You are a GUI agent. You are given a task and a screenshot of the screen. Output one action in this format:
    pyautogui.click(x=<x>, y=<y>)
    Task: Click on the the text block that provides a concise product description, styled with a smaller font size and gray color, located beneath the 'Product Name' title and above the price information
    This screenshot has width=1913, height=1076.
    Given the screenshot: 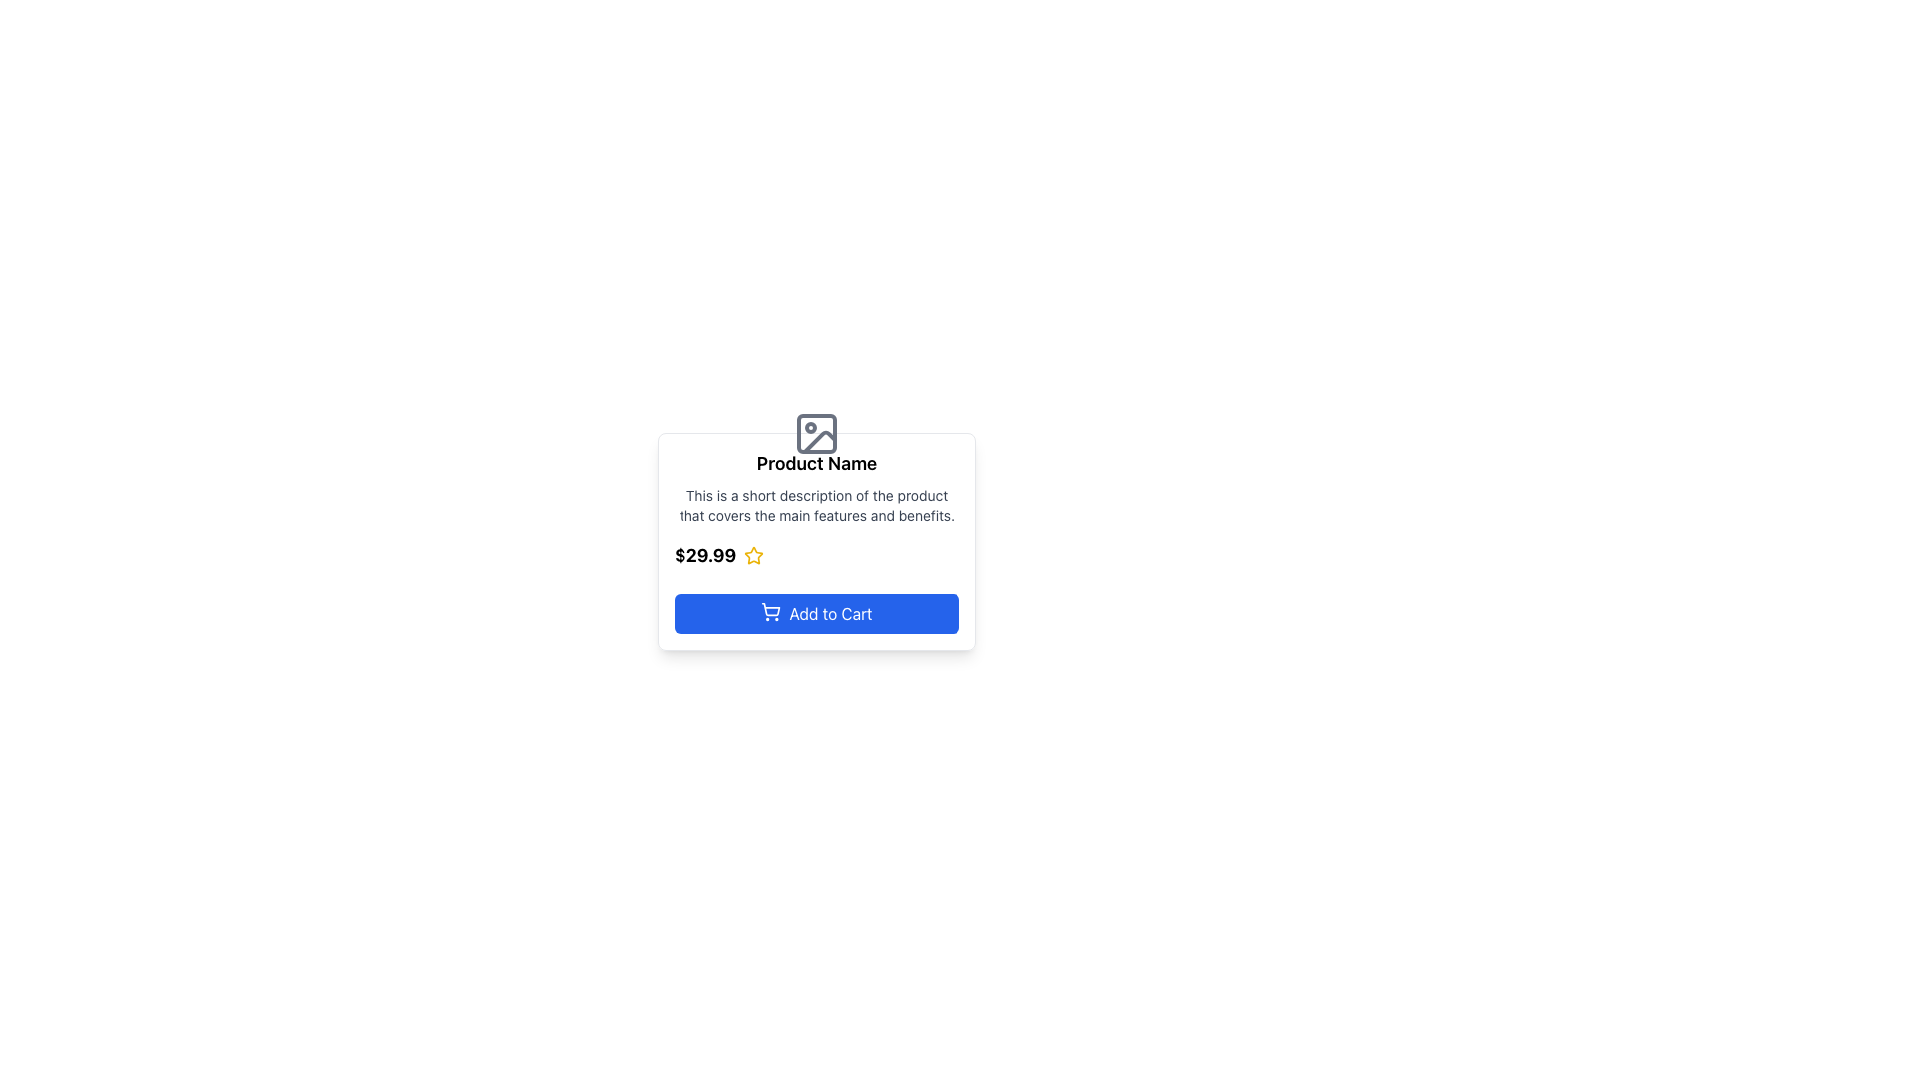 What is the action you would take?
    pyautogui.click(x=817, y=505)
    